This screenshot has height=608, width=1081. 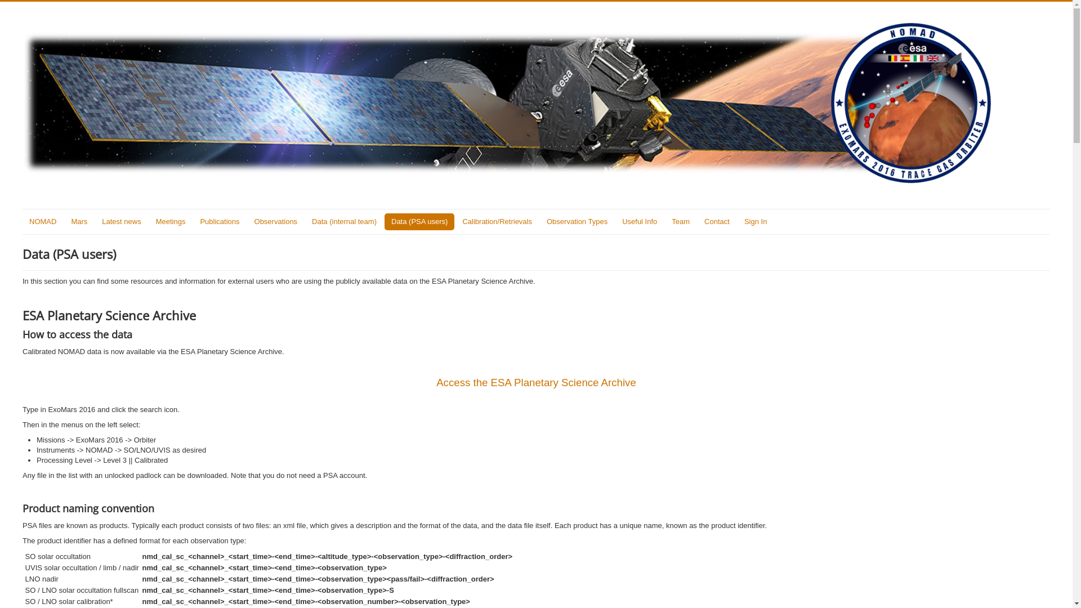 I want to click on 'Observations', so click(x=276, y=221).